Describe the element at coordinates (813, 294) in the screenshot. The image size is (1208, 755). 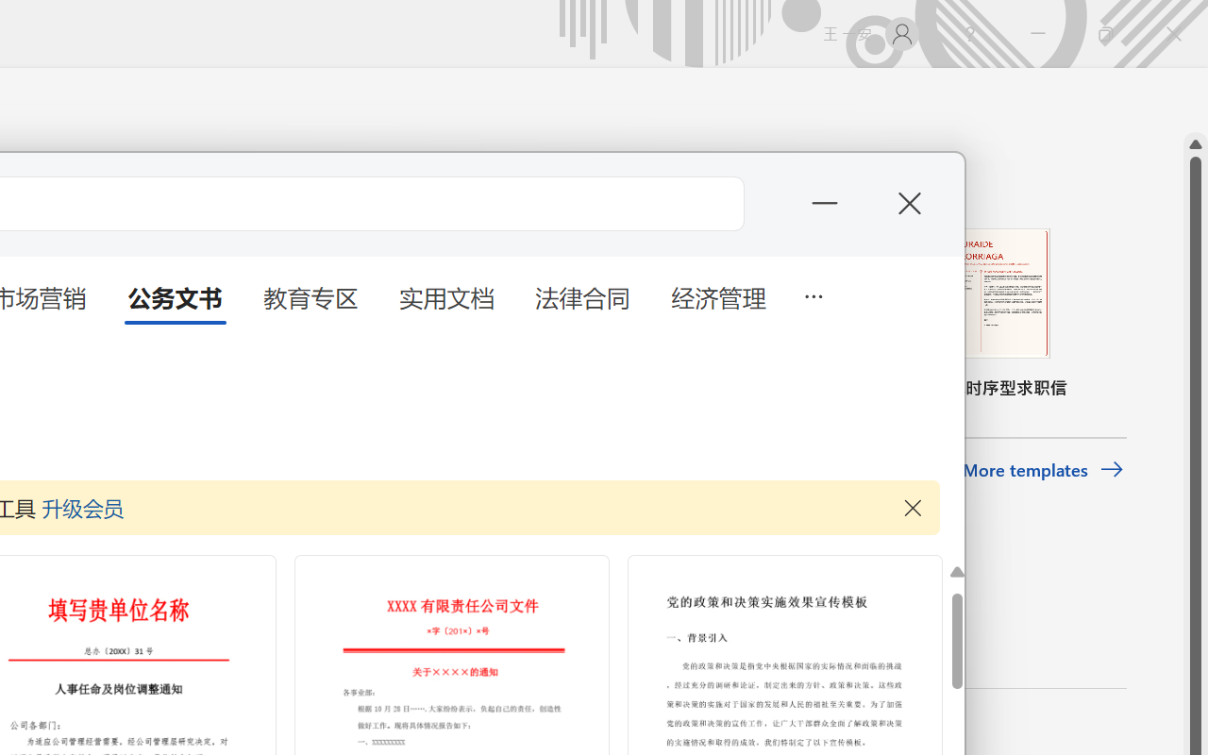
I see `'5 more tabs'` at that location.